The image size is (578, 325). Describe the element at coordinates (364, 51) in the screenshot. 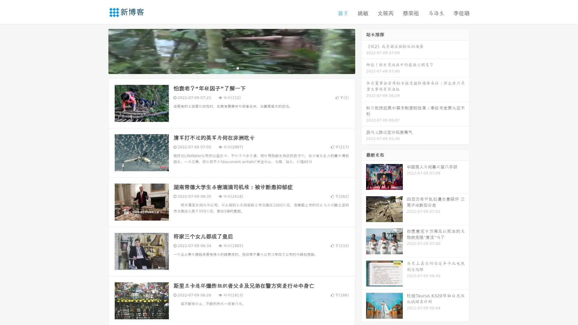

I see `Next slide` at that location.